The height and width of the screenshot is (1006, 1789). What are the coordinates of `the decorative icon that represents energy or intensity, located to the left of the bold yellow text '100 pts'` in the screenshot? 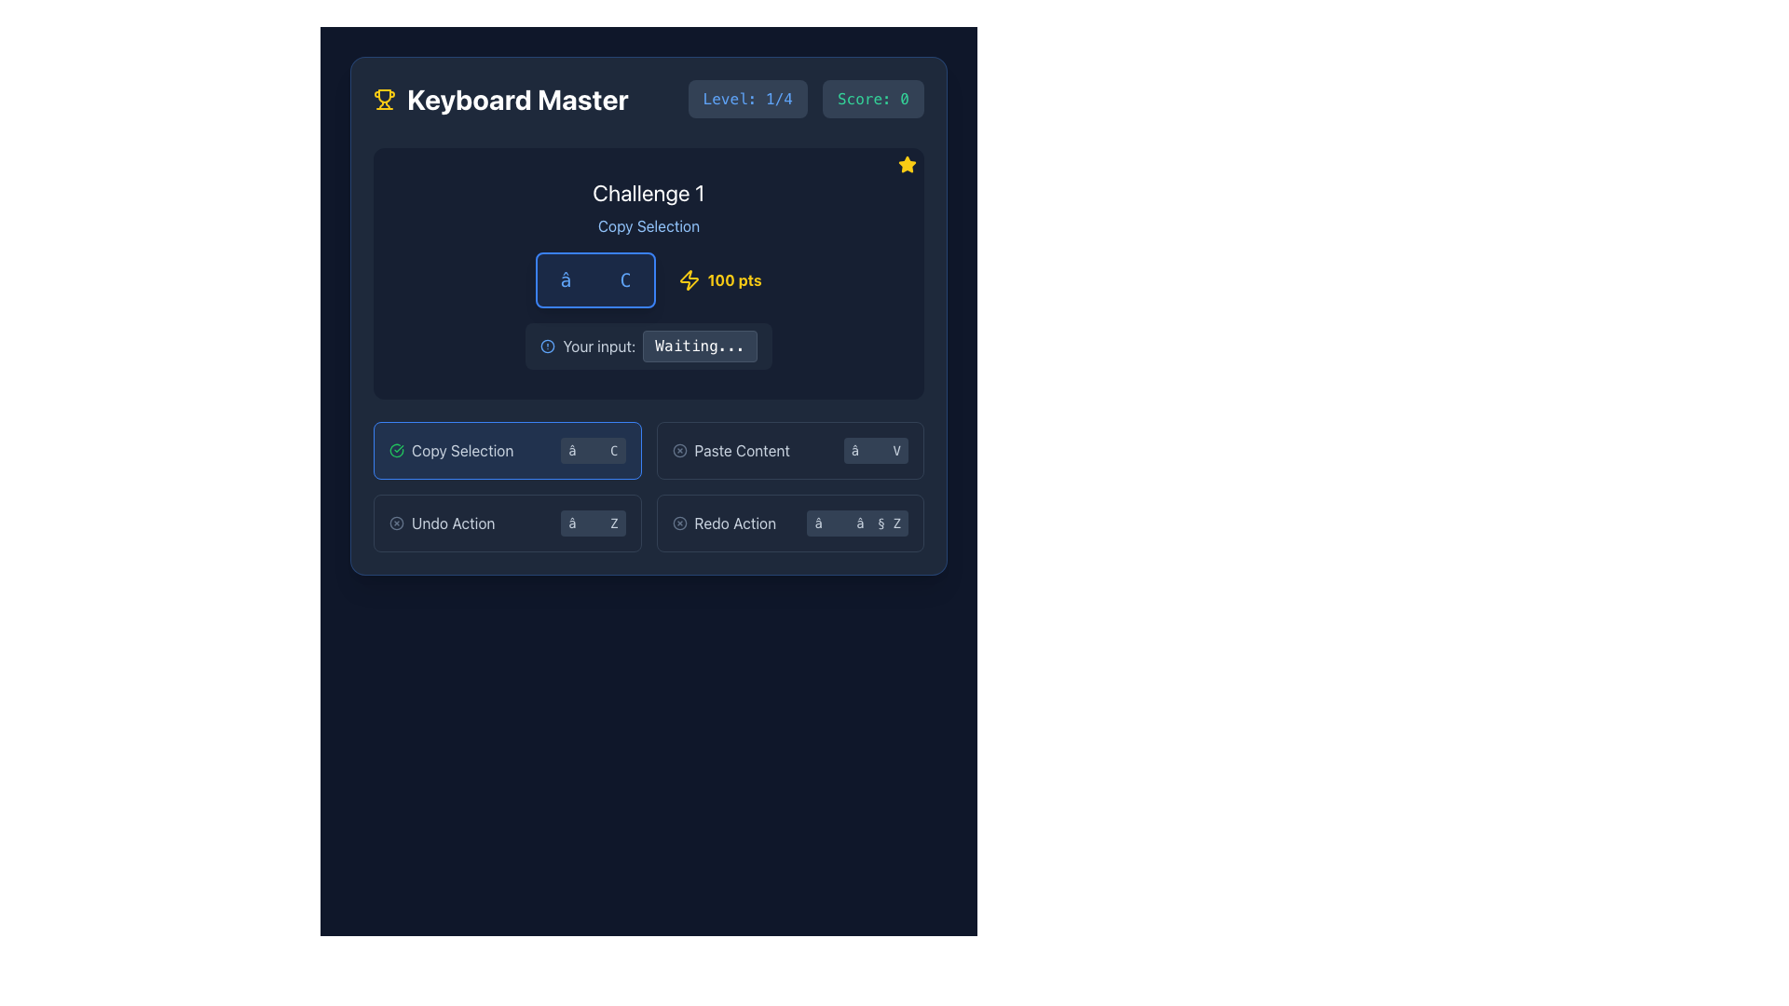 It's located at (688, 279).